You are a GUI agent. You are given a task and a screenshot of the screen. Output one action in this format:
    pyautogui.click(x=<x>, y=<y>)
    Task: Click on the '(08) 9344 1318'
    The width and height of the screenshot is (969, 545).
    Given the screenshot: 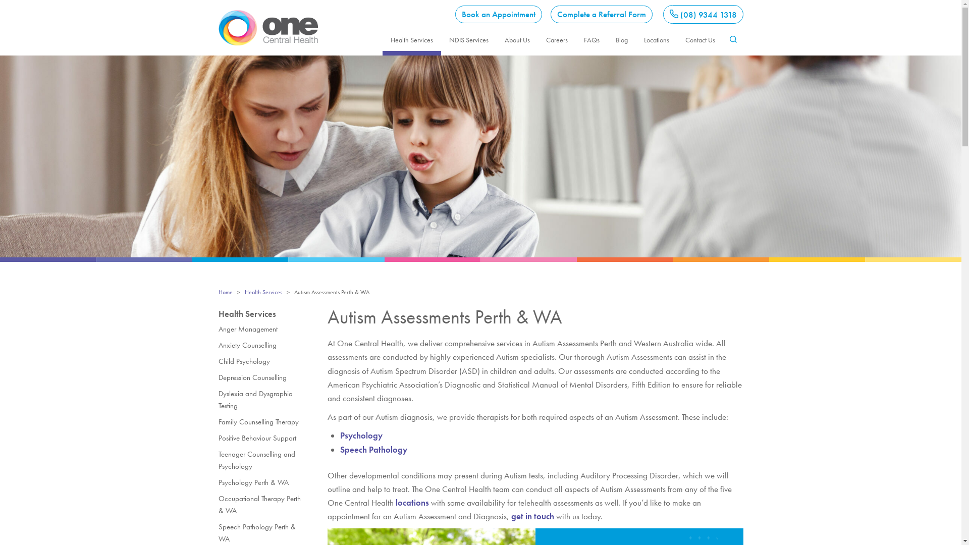 What is the action you would take?
    pyautogui.click(x=703, y=14)
    